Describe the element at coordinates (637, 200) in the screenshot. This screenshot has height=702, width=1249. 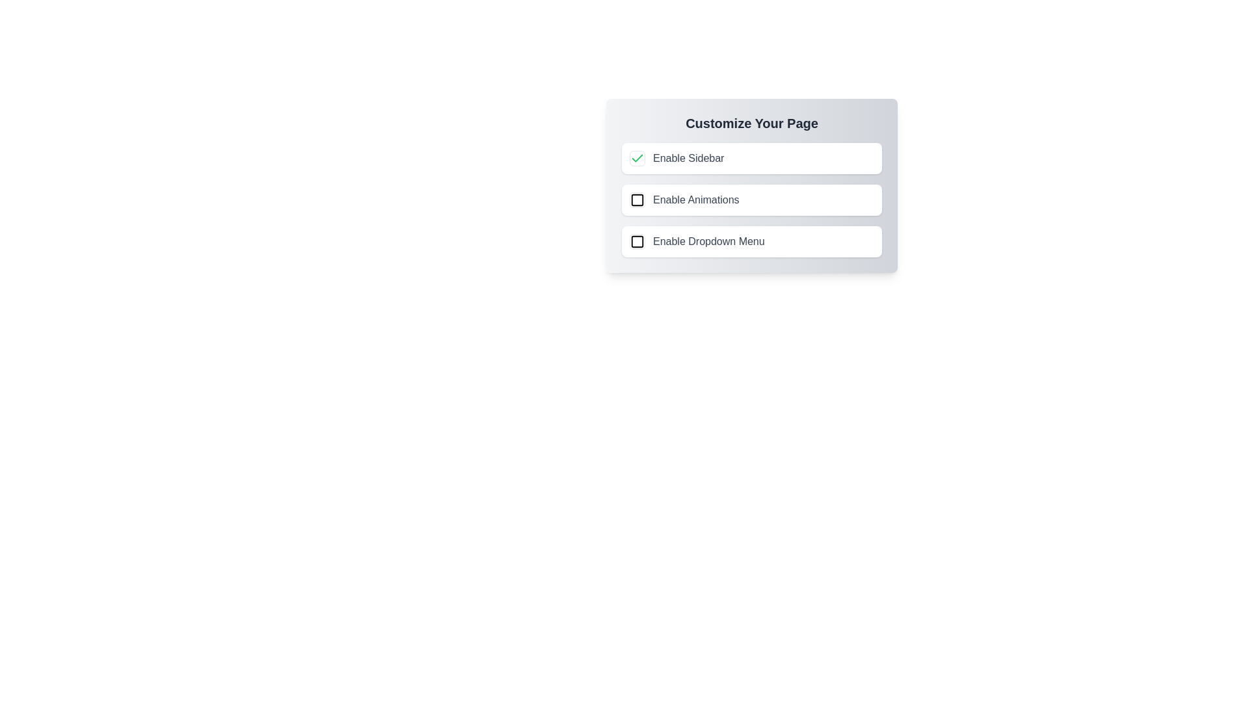
I see `the Checkbox-like toggle button, which is a square button with rounded corners located to the left of the text 'Enable Animations' in the second row of the 'Customize Your Page' section` at that location.